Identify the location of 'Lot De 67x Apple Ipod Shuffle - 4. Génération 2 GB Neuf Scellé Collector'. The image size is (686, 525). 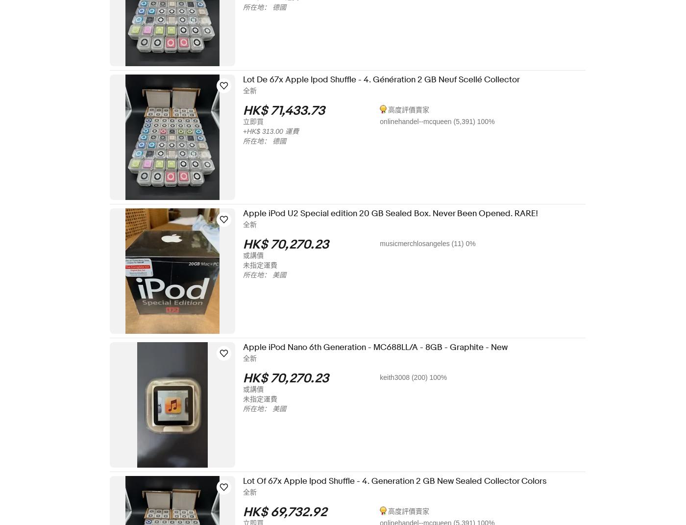
(387, 79).